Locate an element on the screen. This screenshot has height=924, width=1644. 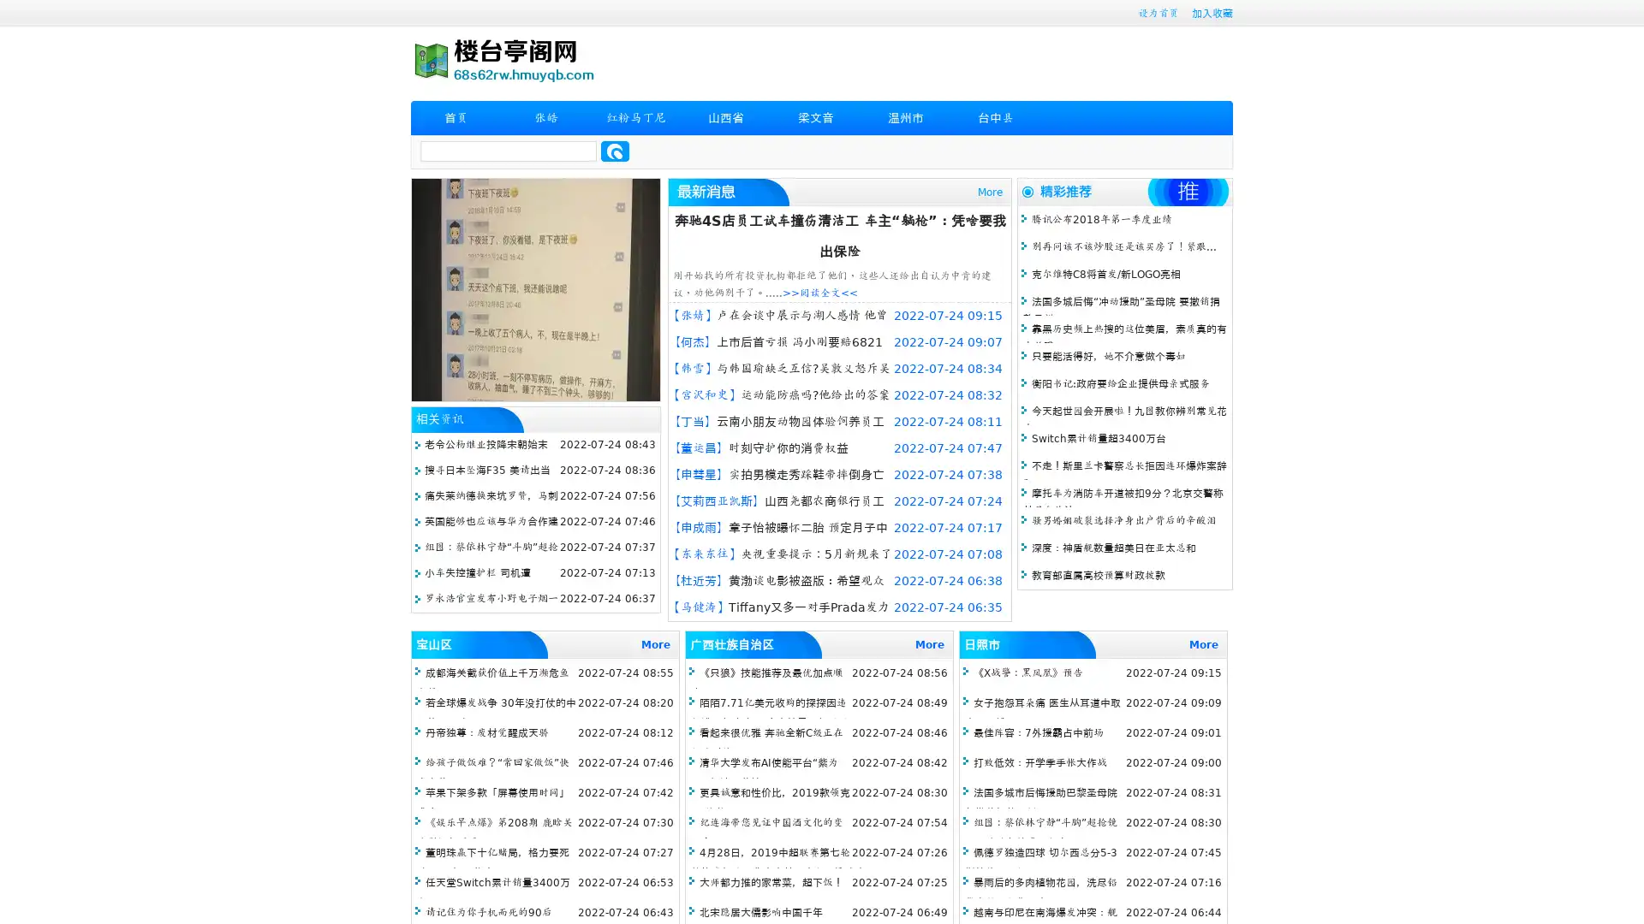
Search is located at coordinates (615, 151).